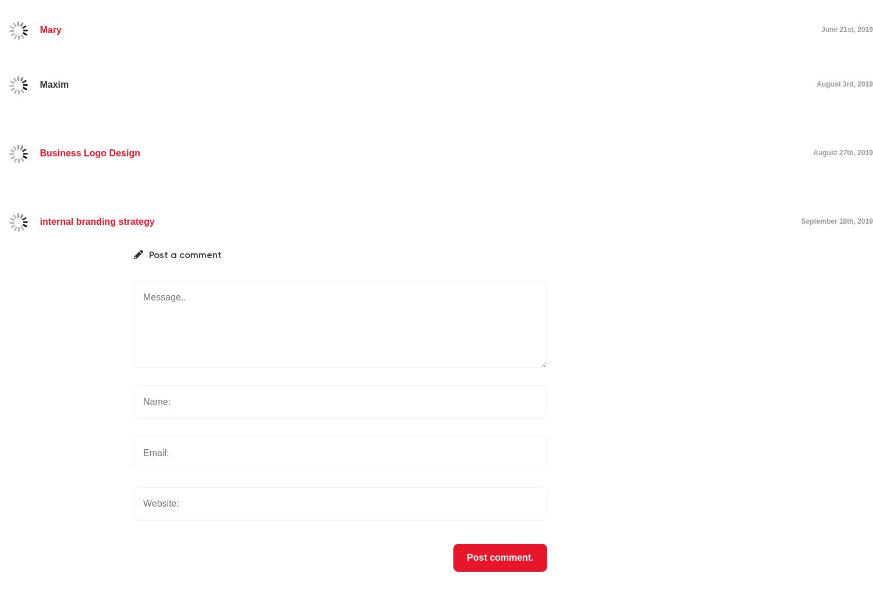 The image size is (873, 595). Describe the element at coordinates (184, 254) in the screenshot. I see `'Post a comment'` at that location.